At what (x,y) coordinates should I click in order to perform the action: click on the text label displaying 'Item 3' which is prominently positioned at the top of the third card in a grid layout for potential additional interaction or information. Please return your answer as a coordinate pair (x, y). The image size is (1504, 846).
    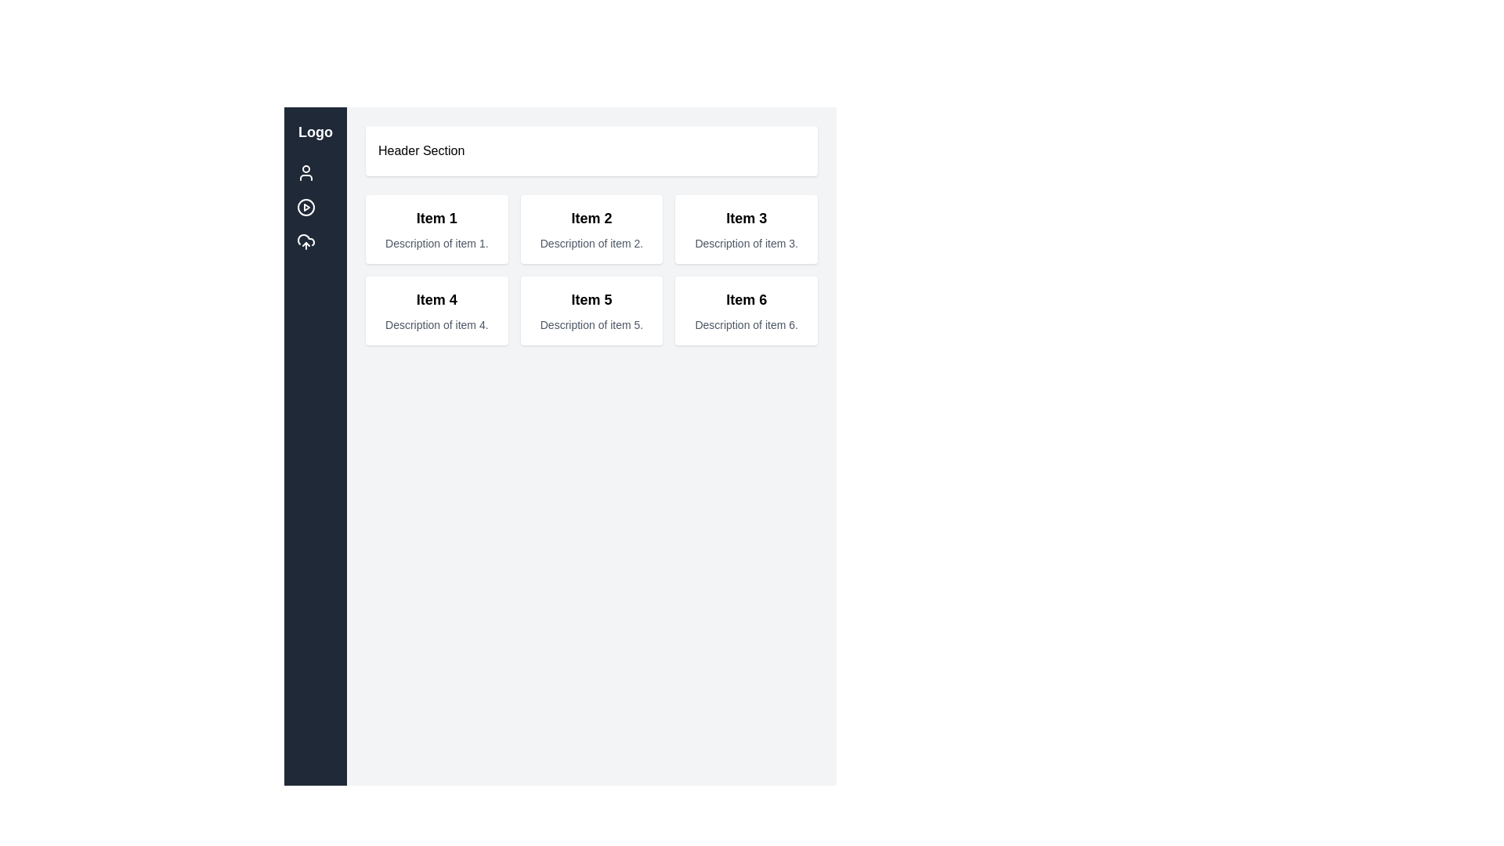
    Looking at the image, I should click on (746, 218).